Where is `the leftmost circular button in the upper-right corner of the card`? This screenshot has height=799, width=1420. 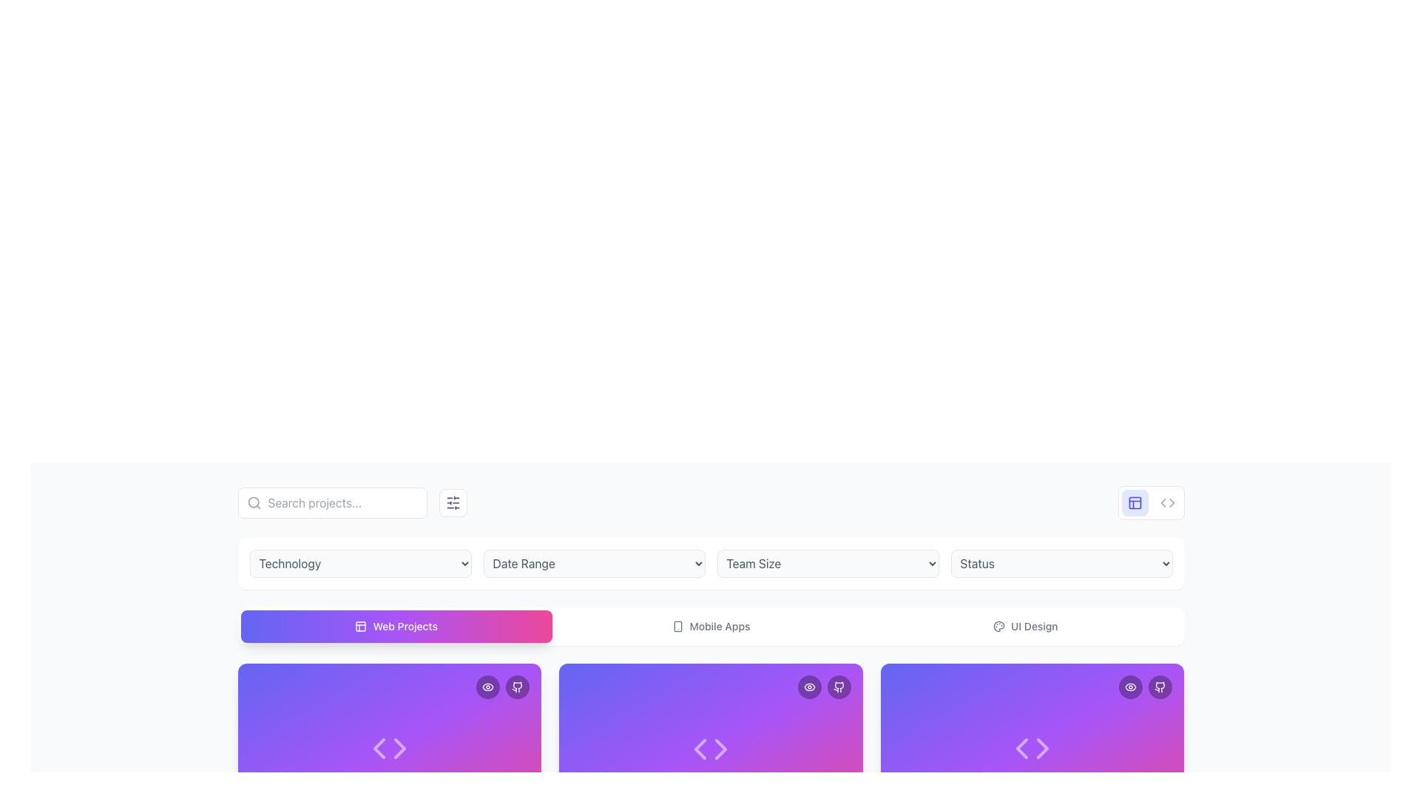
the leftmost circular button in the upper-right corner of the card is located at coordinates (808, 687).